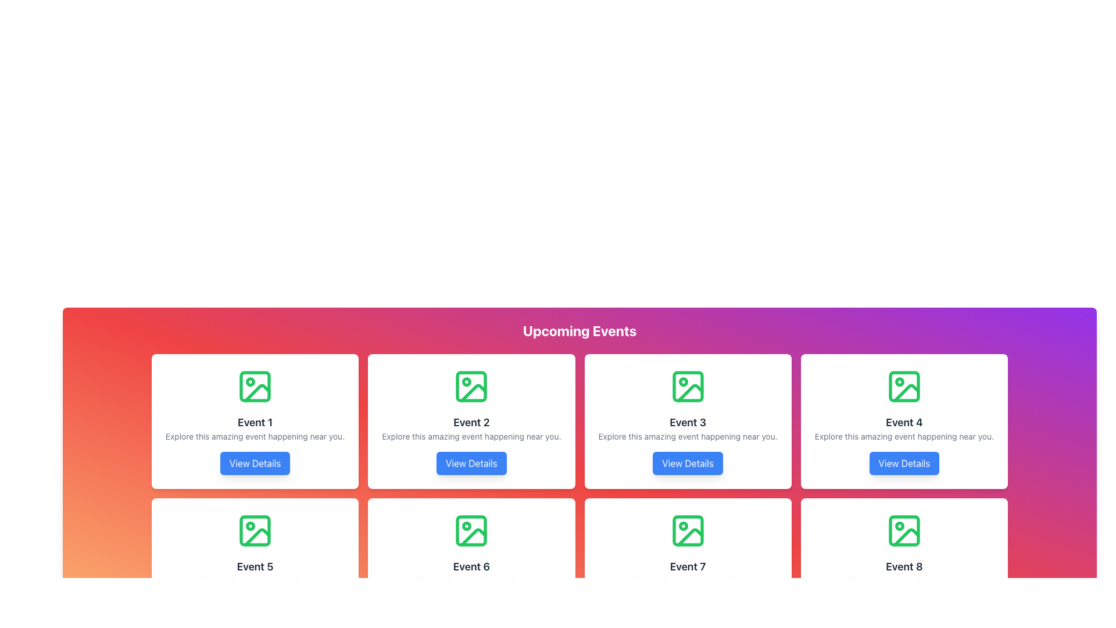 The height and width of the screenshot is (628, 1116). Describe the element at coordinates (471, 386) in the screenshot. I see `the vibrant green outline icon representing an image, located in the second card of the first row labeled 'Event 2'` at that location.